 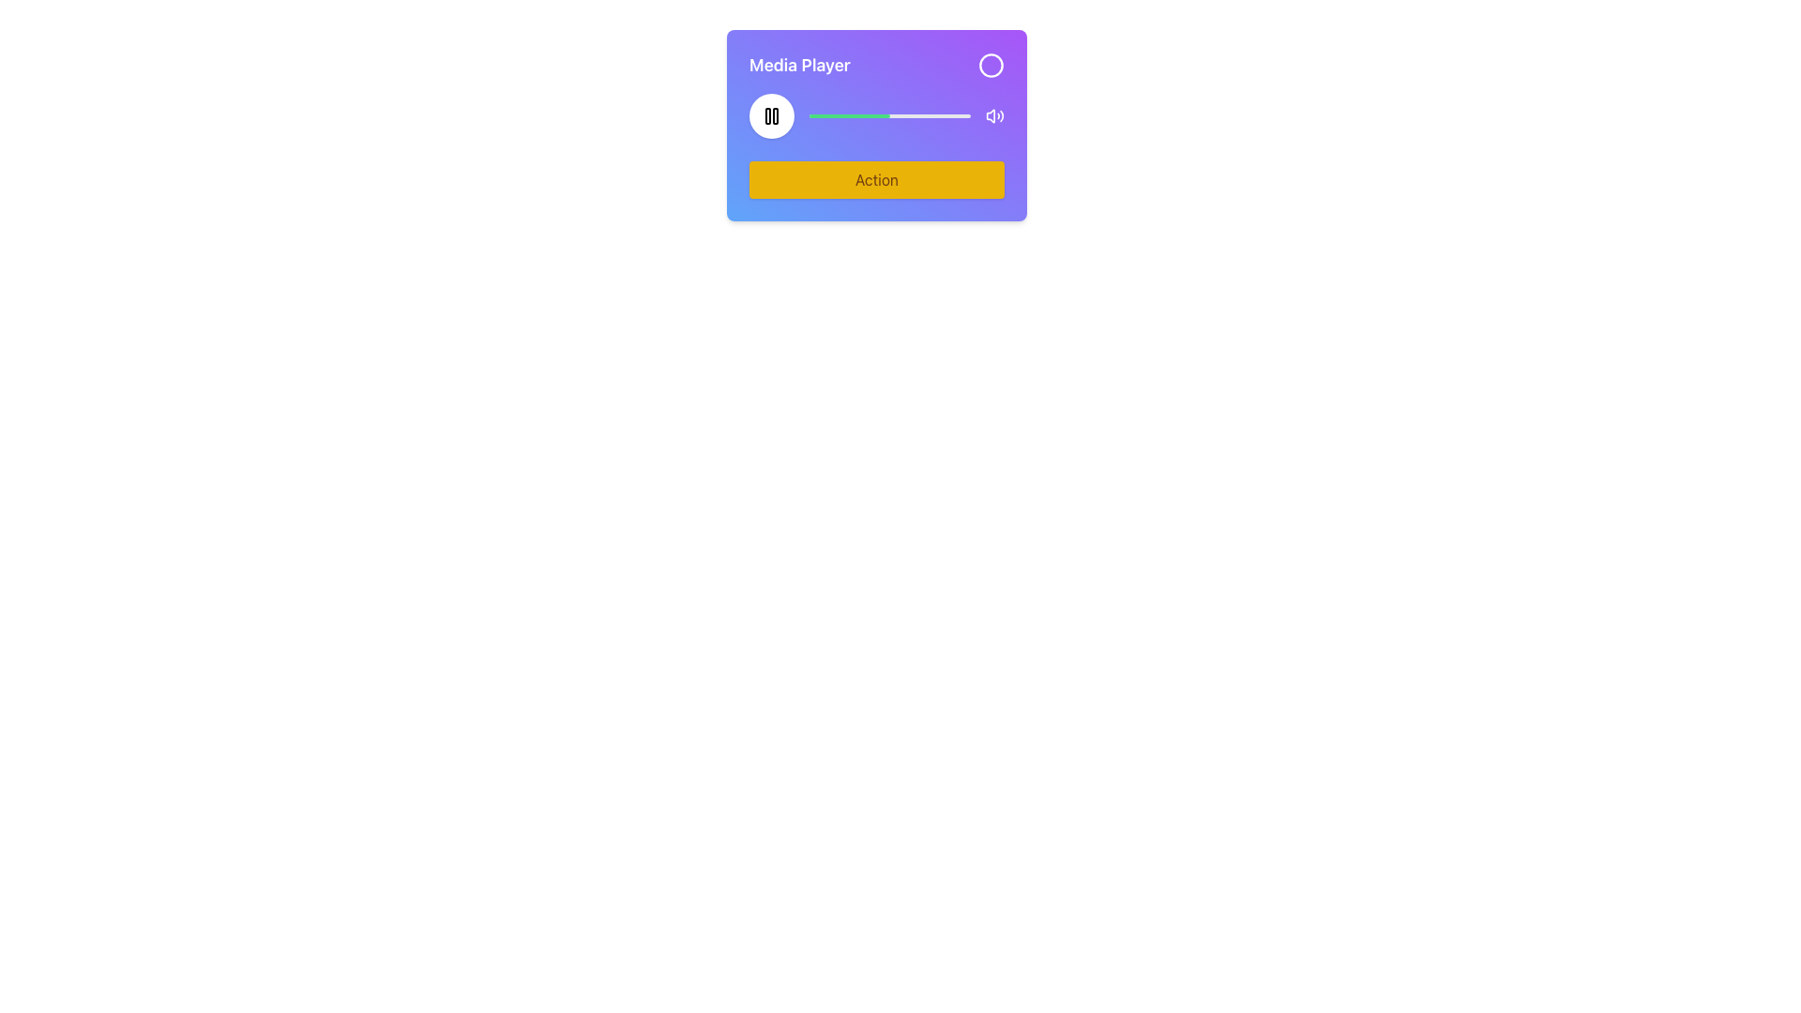 What do you see at coordinates (993, 115) in the screenshot?
I see `the speaker icon with sound waves in the media player controls section` at bounding box center [993, 115].